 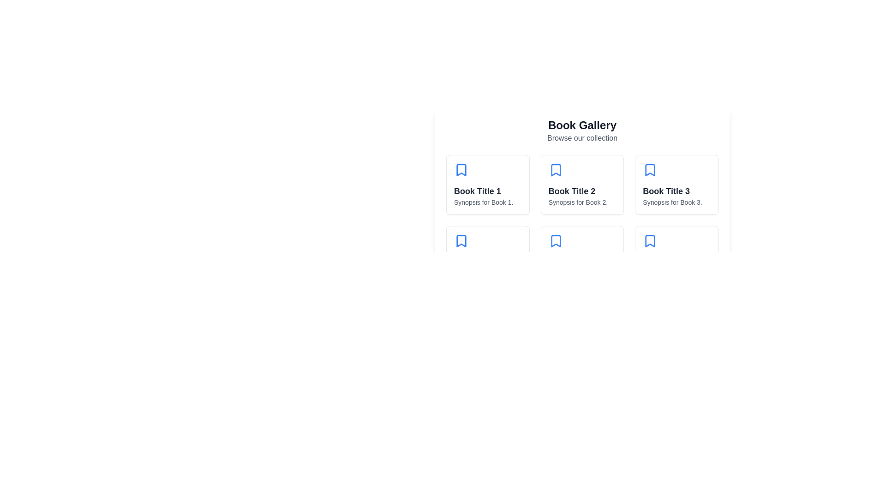 What do you see at coordinates (487, 256) in the screenshot?
I see `the fourth Card component in the grid layout` at bounding box center [487, 256].